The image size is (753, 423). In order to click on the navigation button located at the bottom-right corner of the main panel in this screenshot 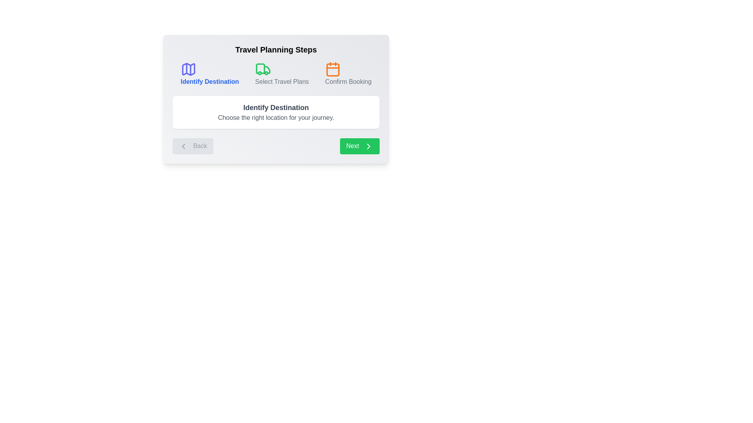, I will do `click(359, 146)`.